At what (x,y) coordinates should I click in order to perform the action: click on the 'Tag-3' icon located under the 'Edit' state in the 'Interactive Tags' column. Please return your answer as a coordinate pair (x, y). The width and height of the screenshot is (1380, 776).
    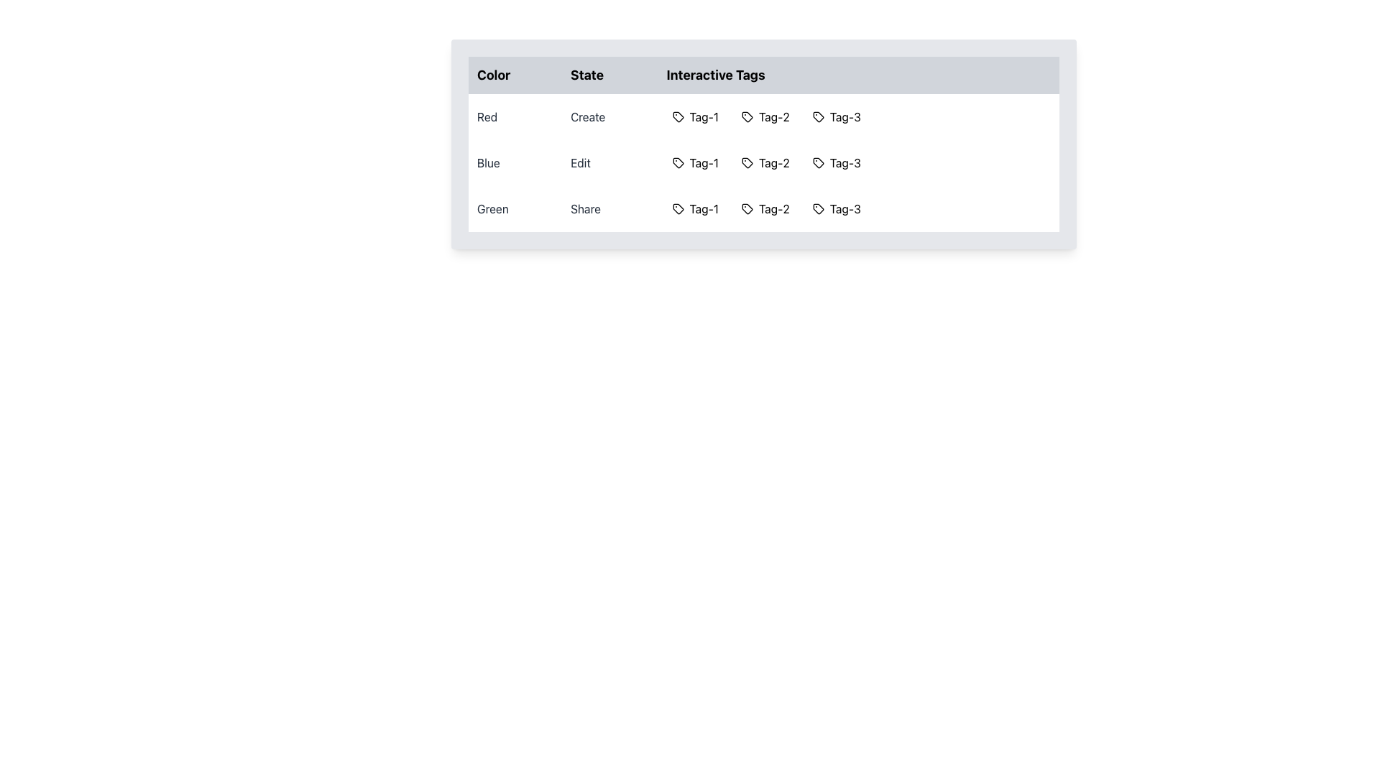
    Looking at the image, I should click on (818, 162).